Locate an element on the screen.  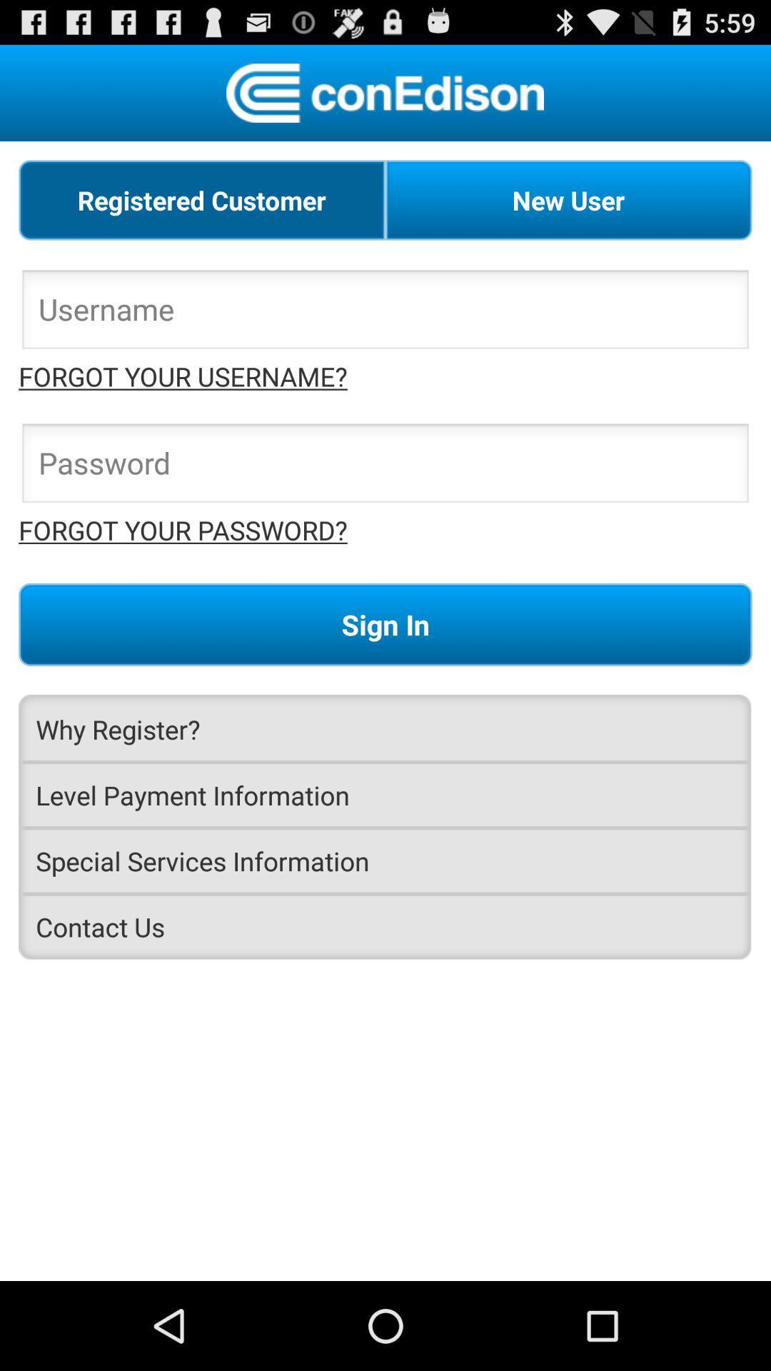
name is located at coordinates (385, 313).